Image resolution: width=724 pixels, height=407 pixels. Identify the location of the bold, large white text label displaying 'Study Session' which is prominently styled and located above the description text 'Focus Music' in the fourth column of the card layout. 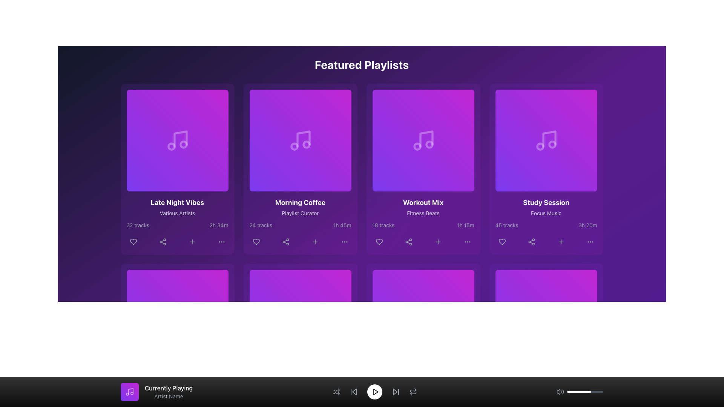
(546, 202).